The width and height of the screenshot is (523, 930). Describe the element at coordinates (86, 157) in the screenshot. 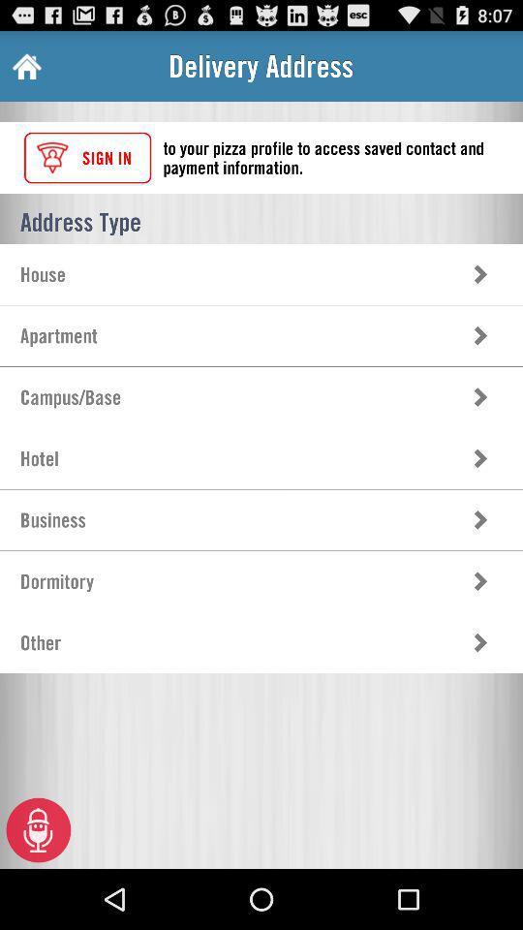

I see `sign in` at that location.